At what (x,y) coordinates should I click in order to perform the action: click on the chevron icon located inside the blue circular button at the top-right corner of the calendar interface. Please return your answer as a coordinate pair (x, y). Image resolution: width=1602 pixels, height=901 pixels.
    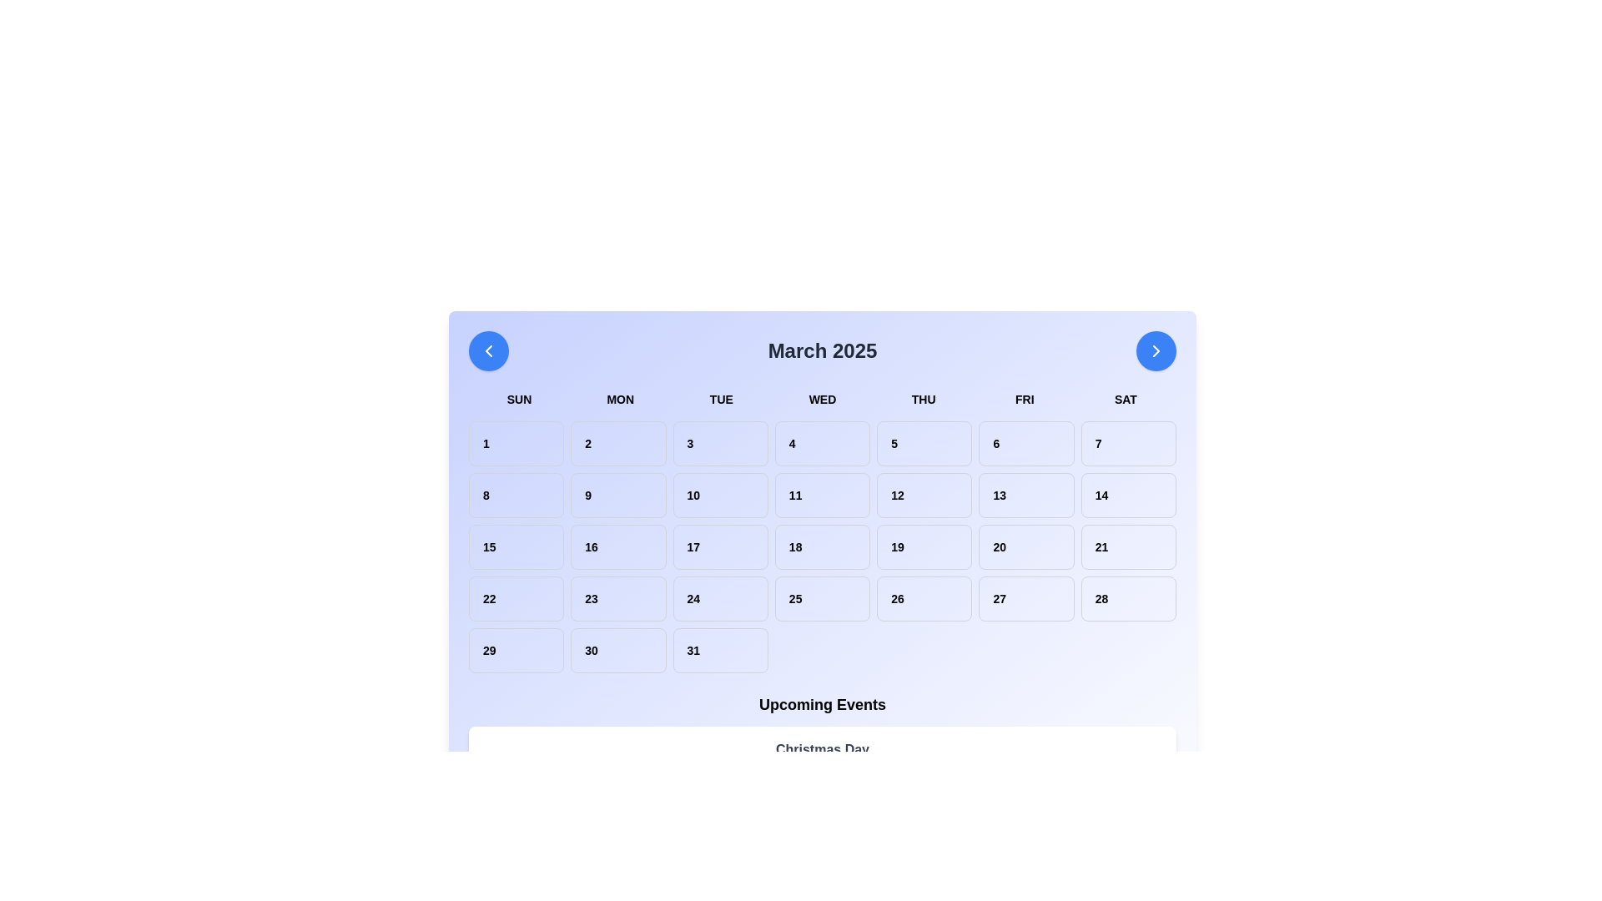
    Looking at the image, I should click on (1156, 350).